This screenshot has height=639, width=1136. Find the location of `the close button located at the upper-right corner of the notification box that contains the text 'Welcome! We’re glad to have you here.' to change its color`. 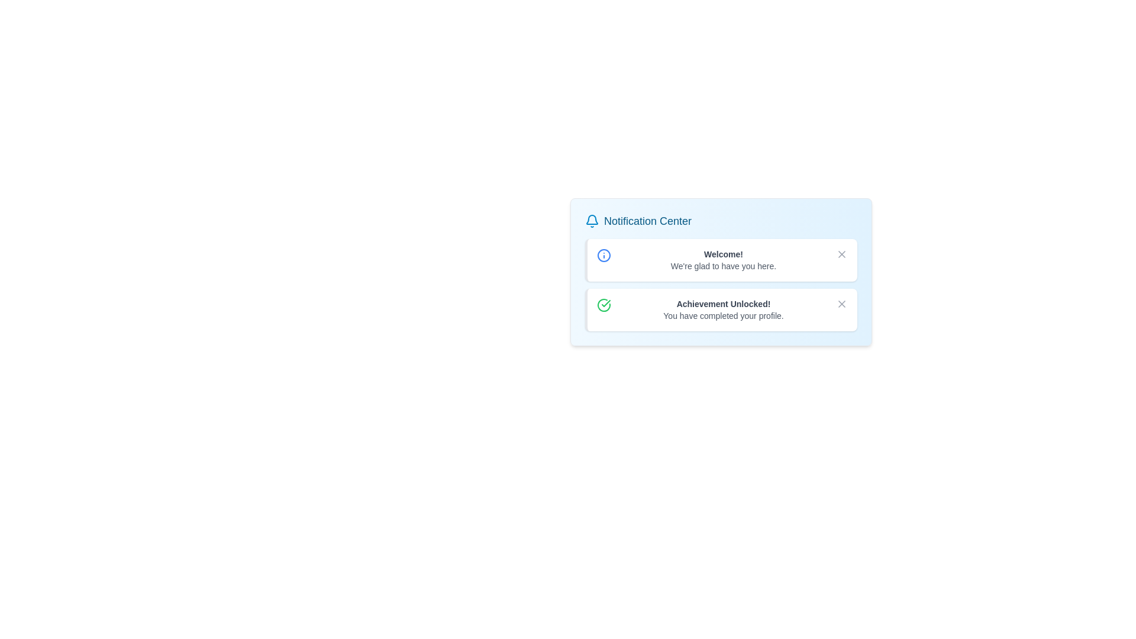

the close button located at the upper-right corner of the notification box that contains the text 'Welcome! We’re glad to have you here.' to change its color is located at coordinates (841, 253).